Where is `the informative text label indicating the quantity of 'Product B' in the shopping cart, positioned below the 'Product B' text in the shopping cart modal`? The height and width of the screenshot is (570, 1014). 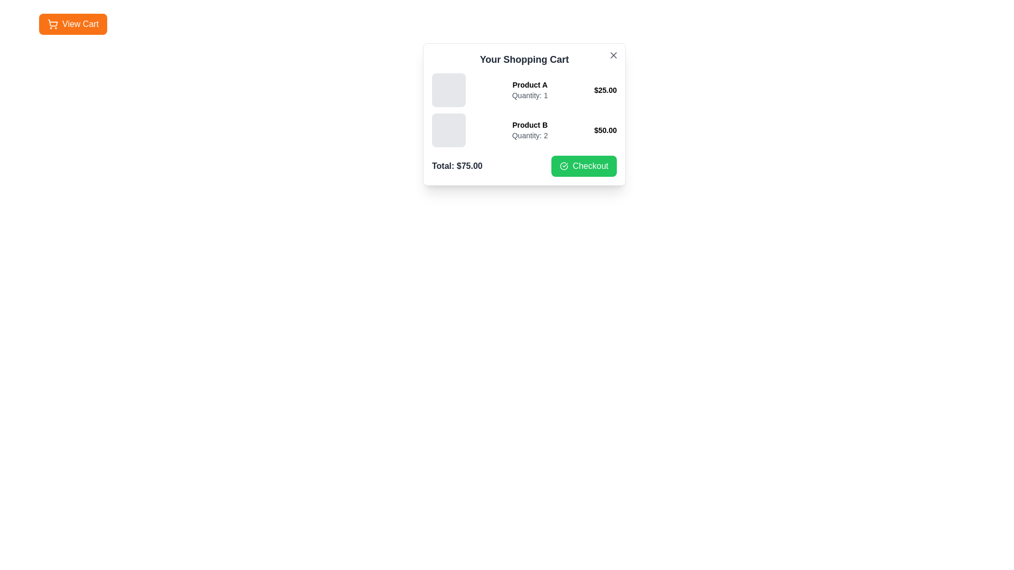
the informative text label indicating the quantity of 'Product B' in the shopping cart, positioned below the 'Product B' text in the shopping cart modal is located at coordinates (530, 135).